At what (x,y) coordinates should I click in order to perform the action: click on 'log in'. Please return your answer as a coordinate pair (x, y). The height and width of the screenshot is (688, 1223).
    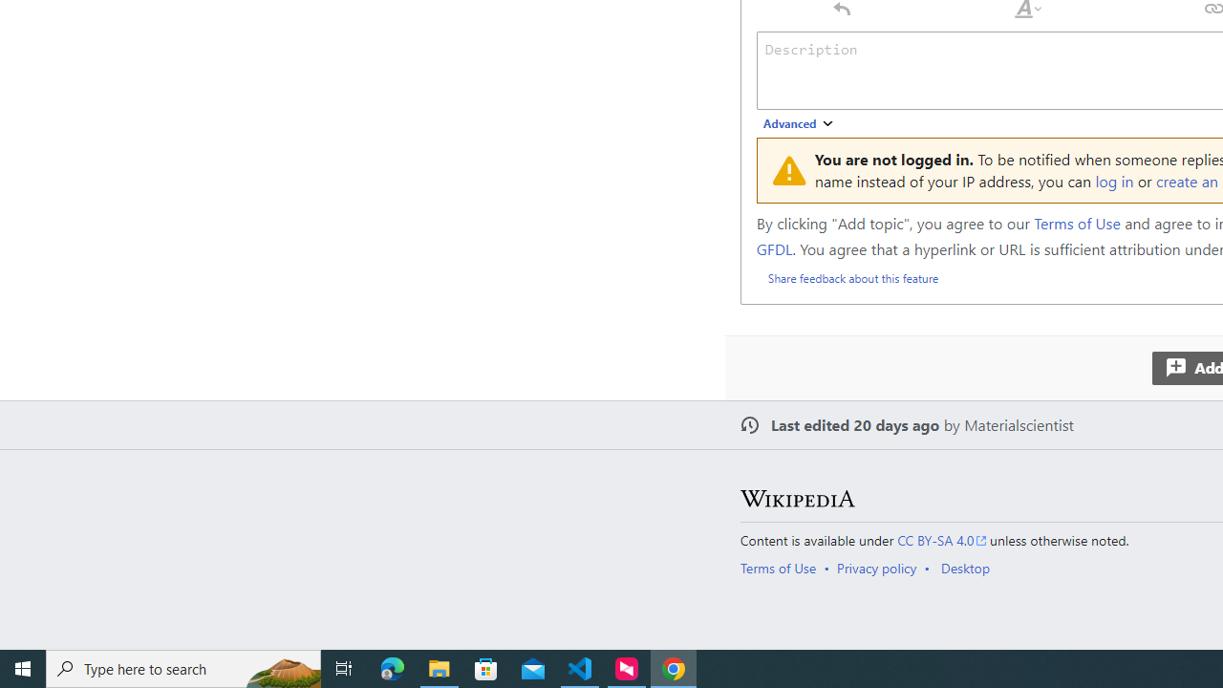
    Looking at the image, I should click on (1114, 181).